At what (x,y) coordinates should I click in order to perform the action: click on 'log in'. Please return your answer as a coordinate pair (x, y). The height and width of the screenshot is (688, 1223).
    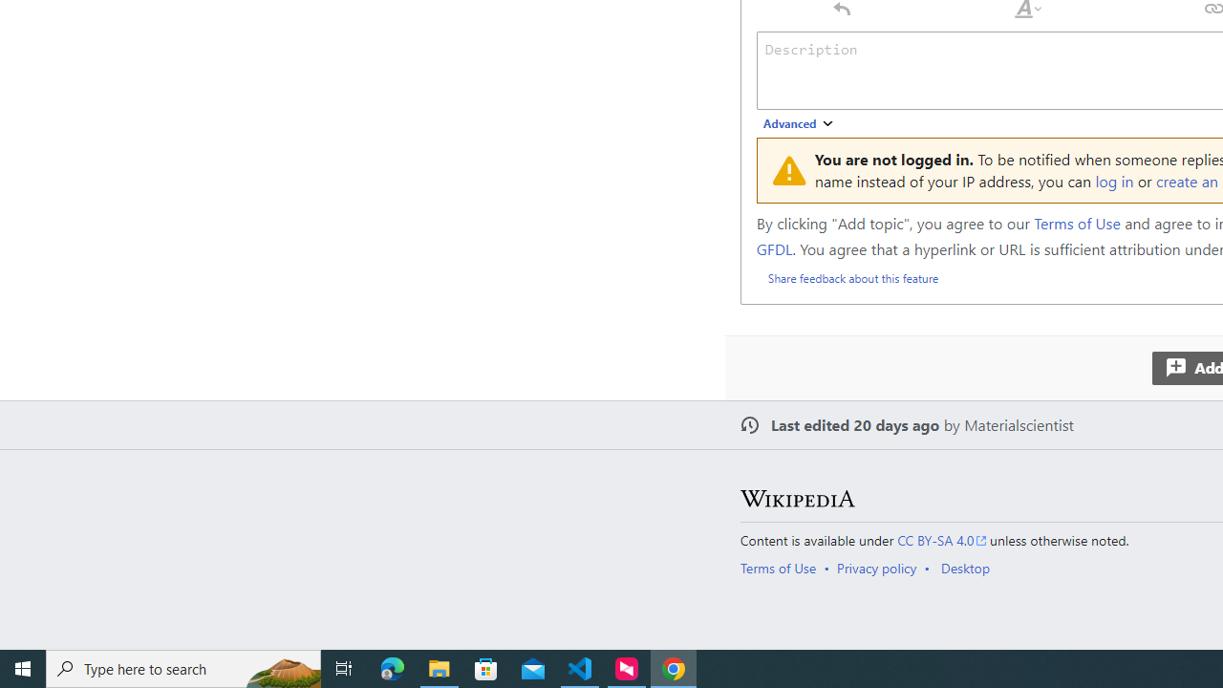
    Looking at the image, I should click on (1114, 181).